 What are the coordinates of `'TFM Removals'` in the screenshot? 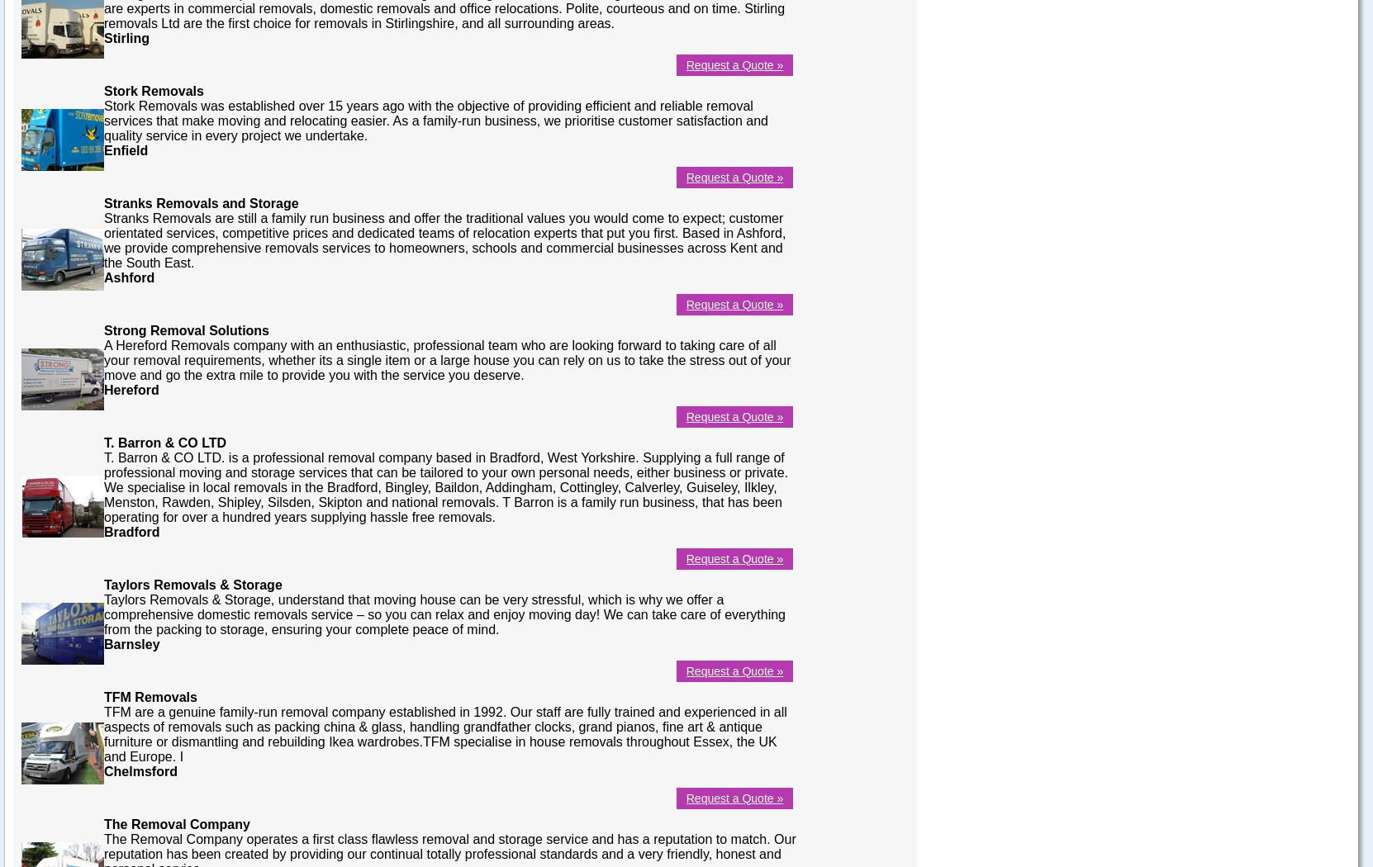 It's located at (103, 696).